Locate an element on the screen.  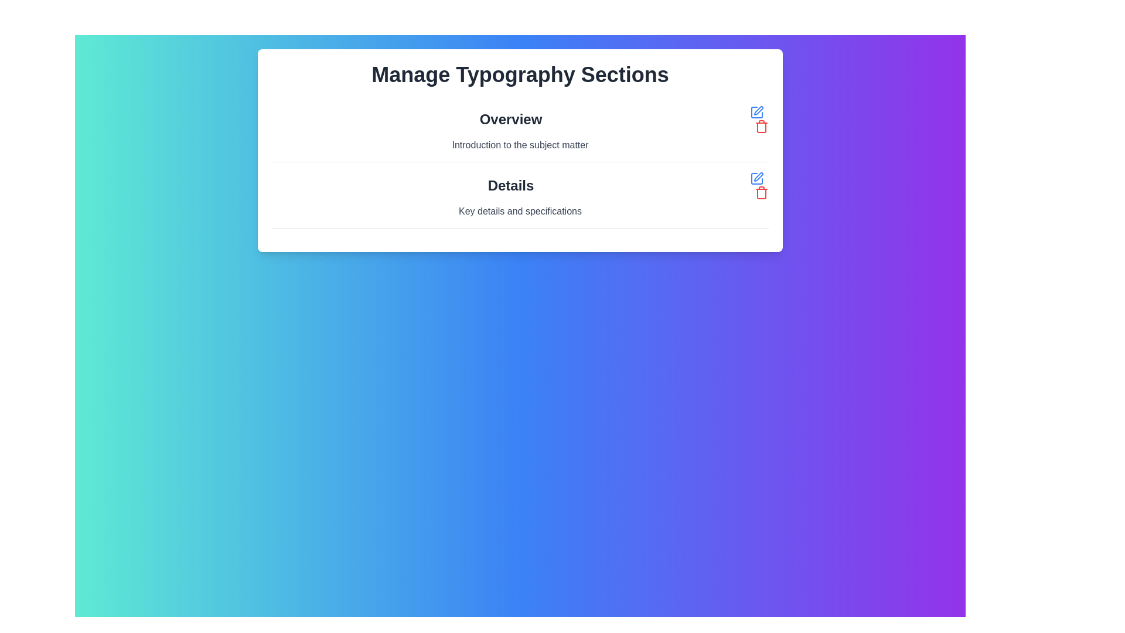
the small square-shaped button styled as a pen tool icon, located to the right of the 'Details' label in the bottom row of the layout is located at coordinates (756, 113).